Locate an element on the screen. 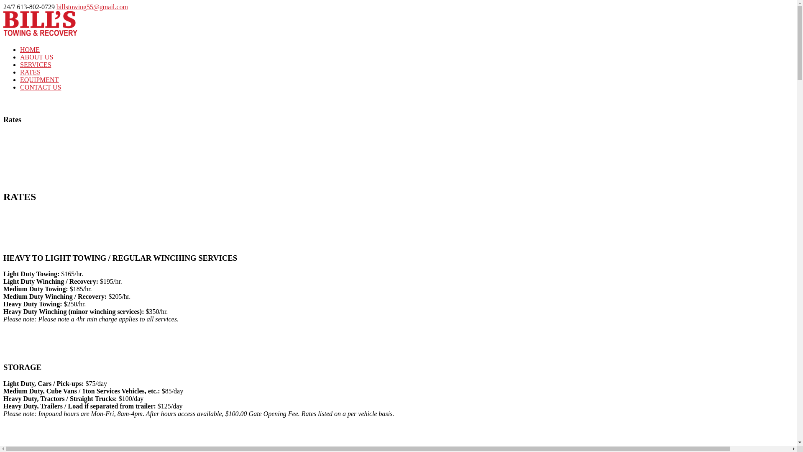  'CONTACT US' is located at coordinates (20, 87).